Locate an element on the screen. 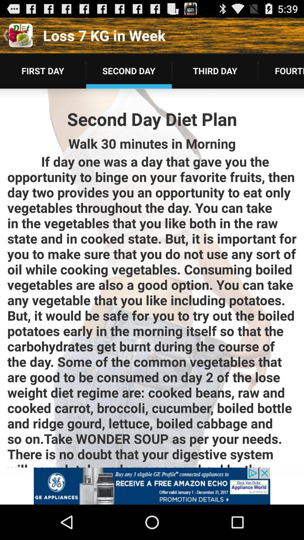 The width and height of the screenshot is (304, 540). interact with advertisement is located at coordinates (152, 486).